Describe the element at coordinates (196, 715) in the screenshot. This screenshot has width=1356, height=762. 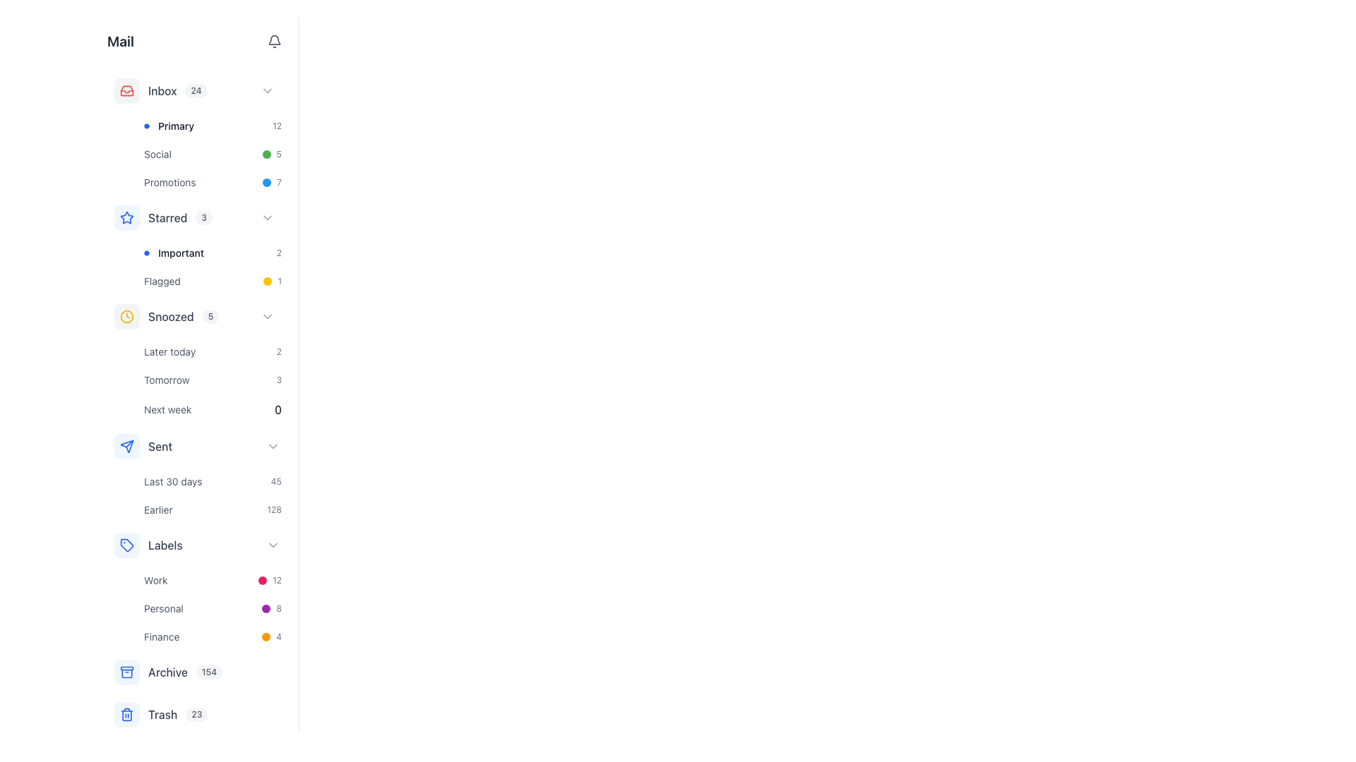
I see `the small pill-shaped badge with the text '23' that is located to the right of the 'Trash' label in the vertical navigation menu` at that location.